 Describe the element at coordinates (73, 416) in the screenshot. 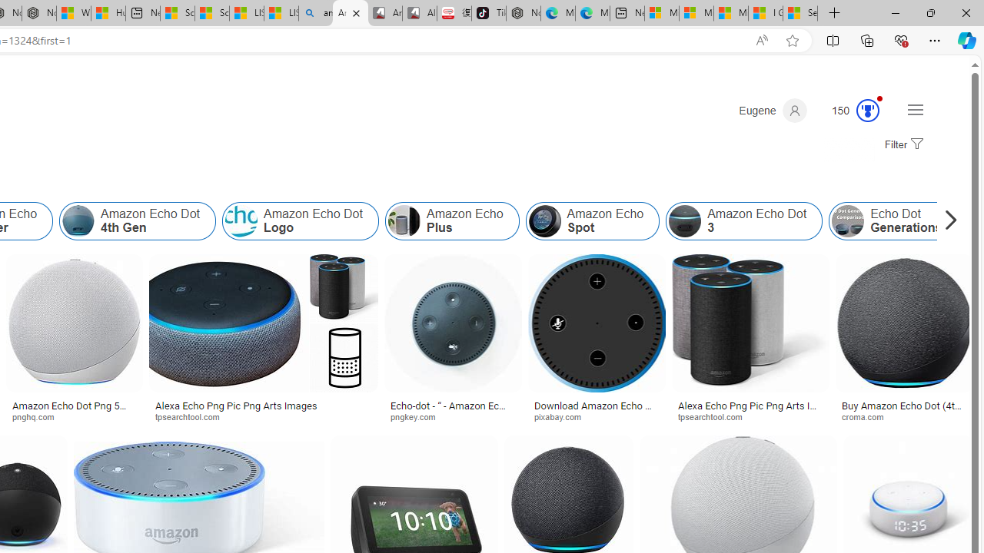

I see `'pnghq.com'` at that location.